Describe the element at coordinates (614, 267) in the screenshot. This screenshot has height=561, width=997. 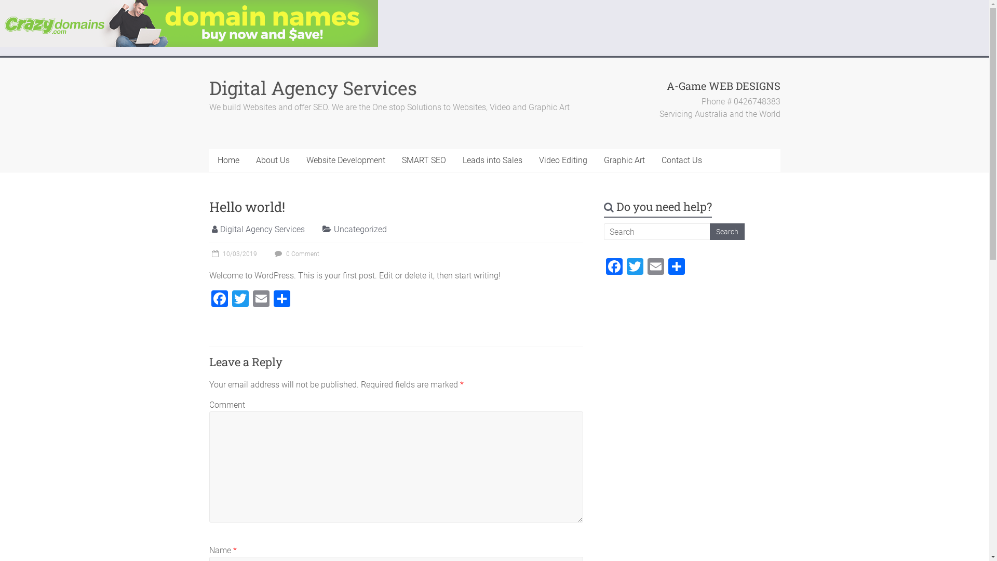
I see `'Facebook'` at that location.